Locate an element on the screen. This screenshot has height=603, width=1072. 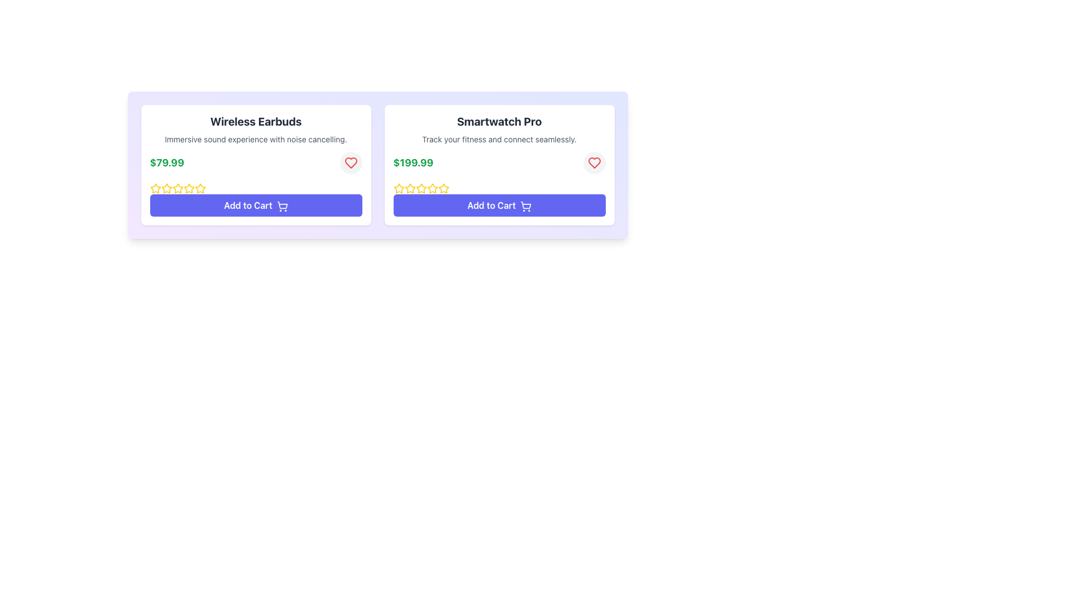
the shopping cart icon located within the 'Add to Cart' button for the product 'Wireless Earbuds' is located at coordinates (282, 206).